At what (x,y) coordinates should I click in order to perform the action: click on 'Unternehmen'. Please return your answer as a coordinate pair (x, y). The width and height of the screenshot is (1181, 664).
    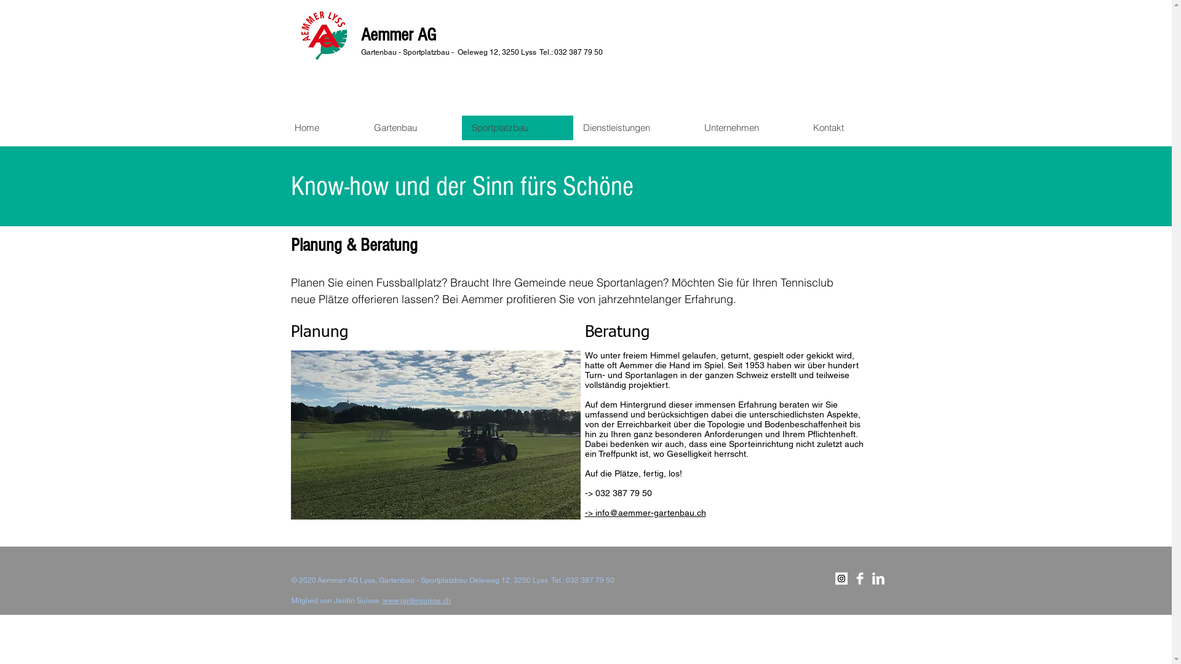
    Looking at the image, I should click on (747, 128).